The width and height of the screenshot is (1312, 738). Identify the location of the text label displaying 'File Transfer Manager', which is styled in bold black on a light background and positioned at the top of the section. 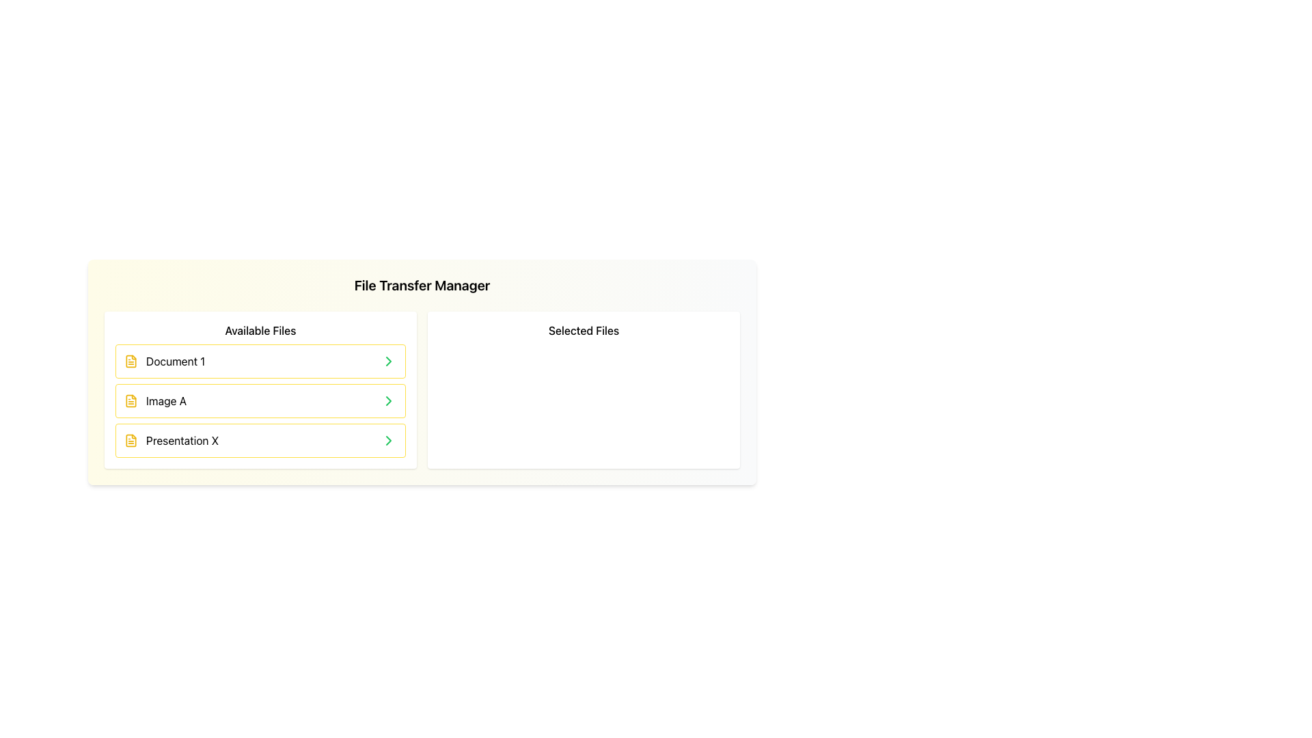
(422, 284).